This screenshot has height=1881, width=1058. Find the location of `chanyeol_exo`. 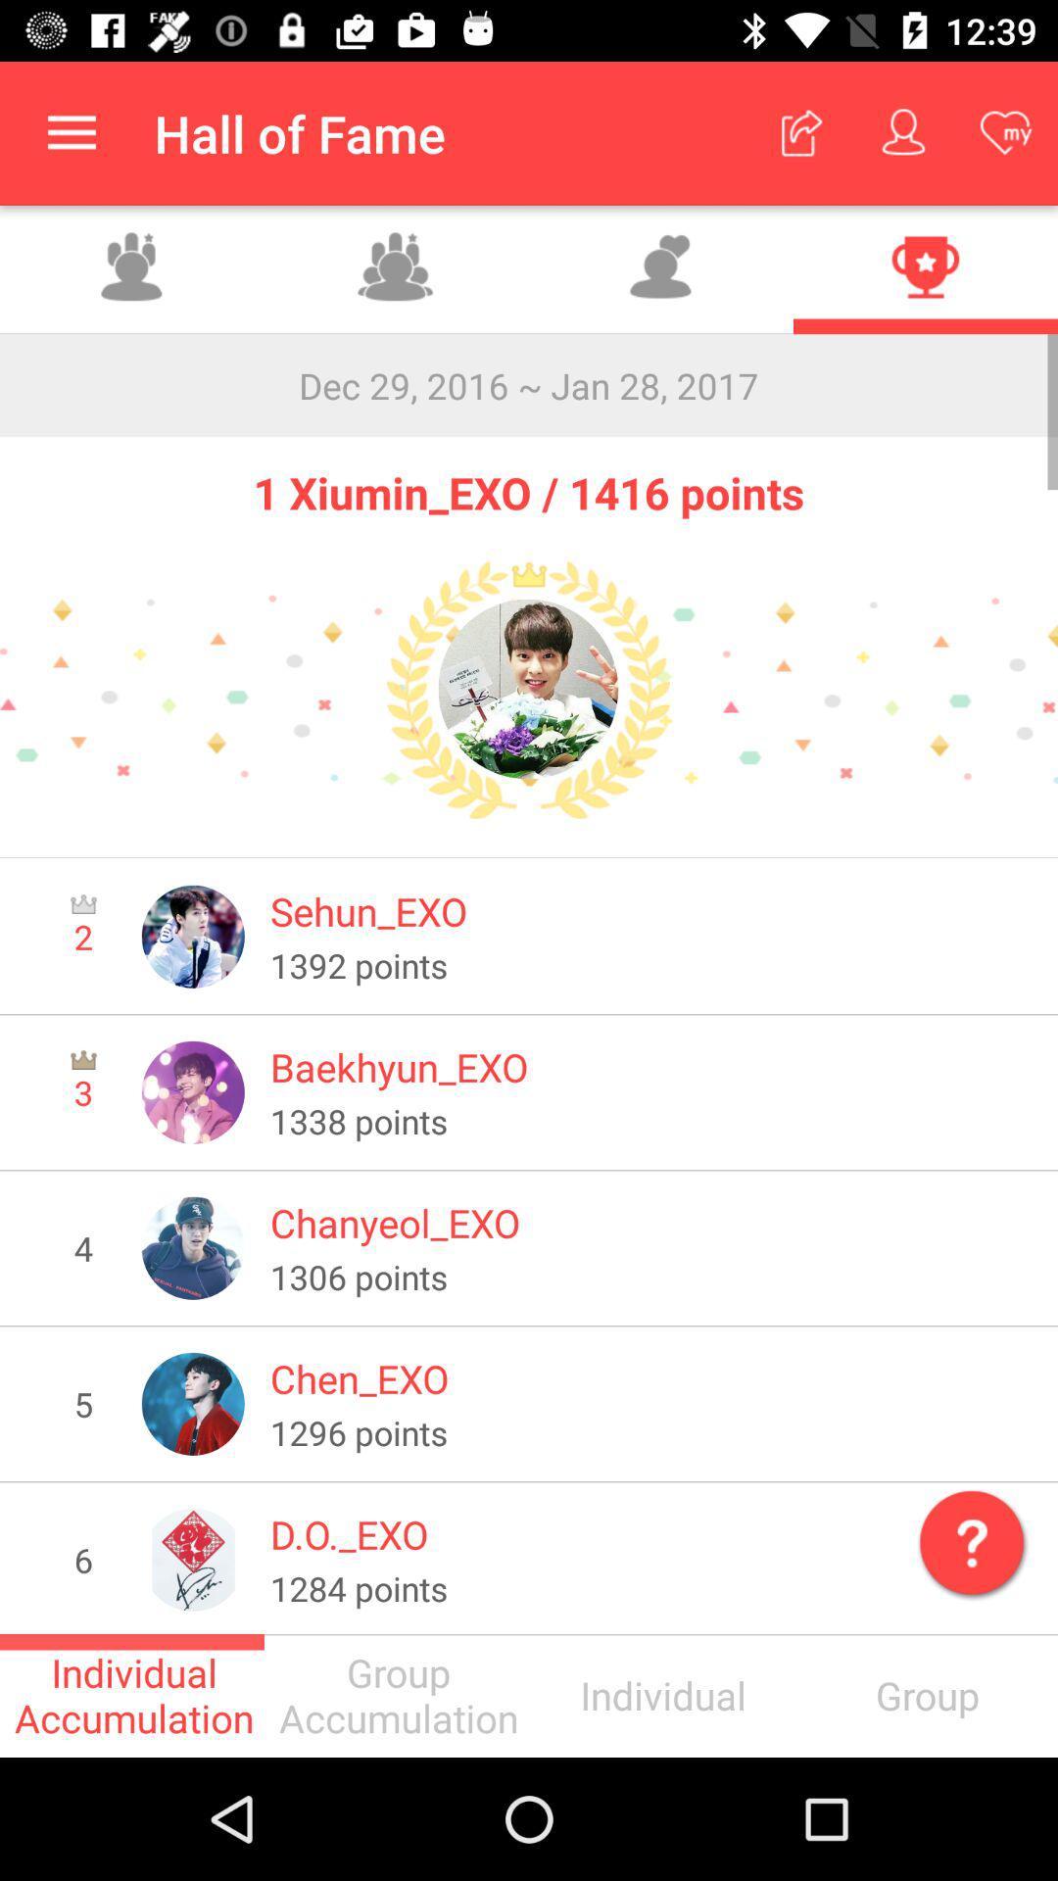

chanyeol_exo is located at coordinates (650, 1222).